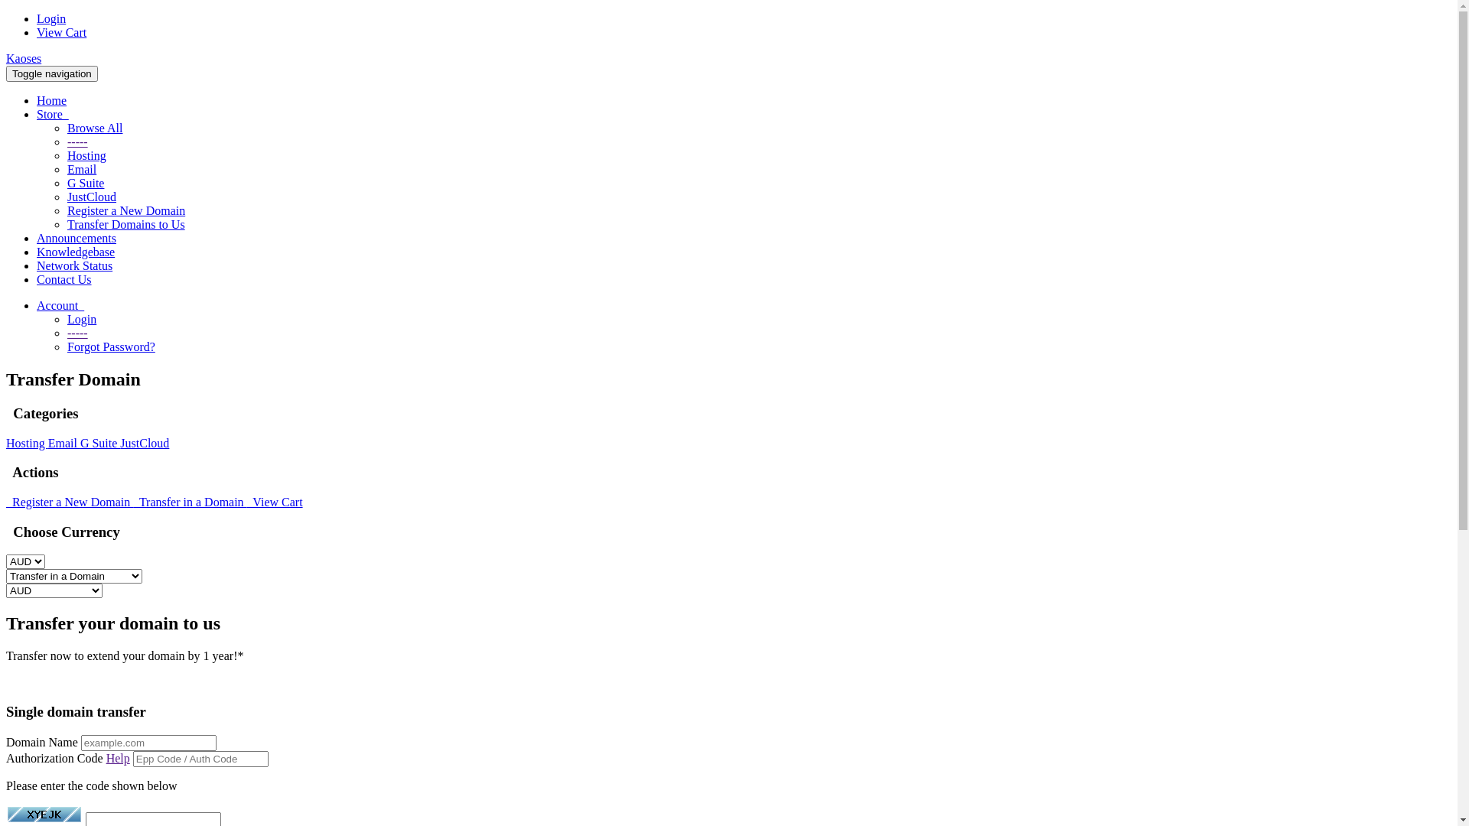 The image size is (1469, 826). I want to click on 'Network Status', so click(73, 265).